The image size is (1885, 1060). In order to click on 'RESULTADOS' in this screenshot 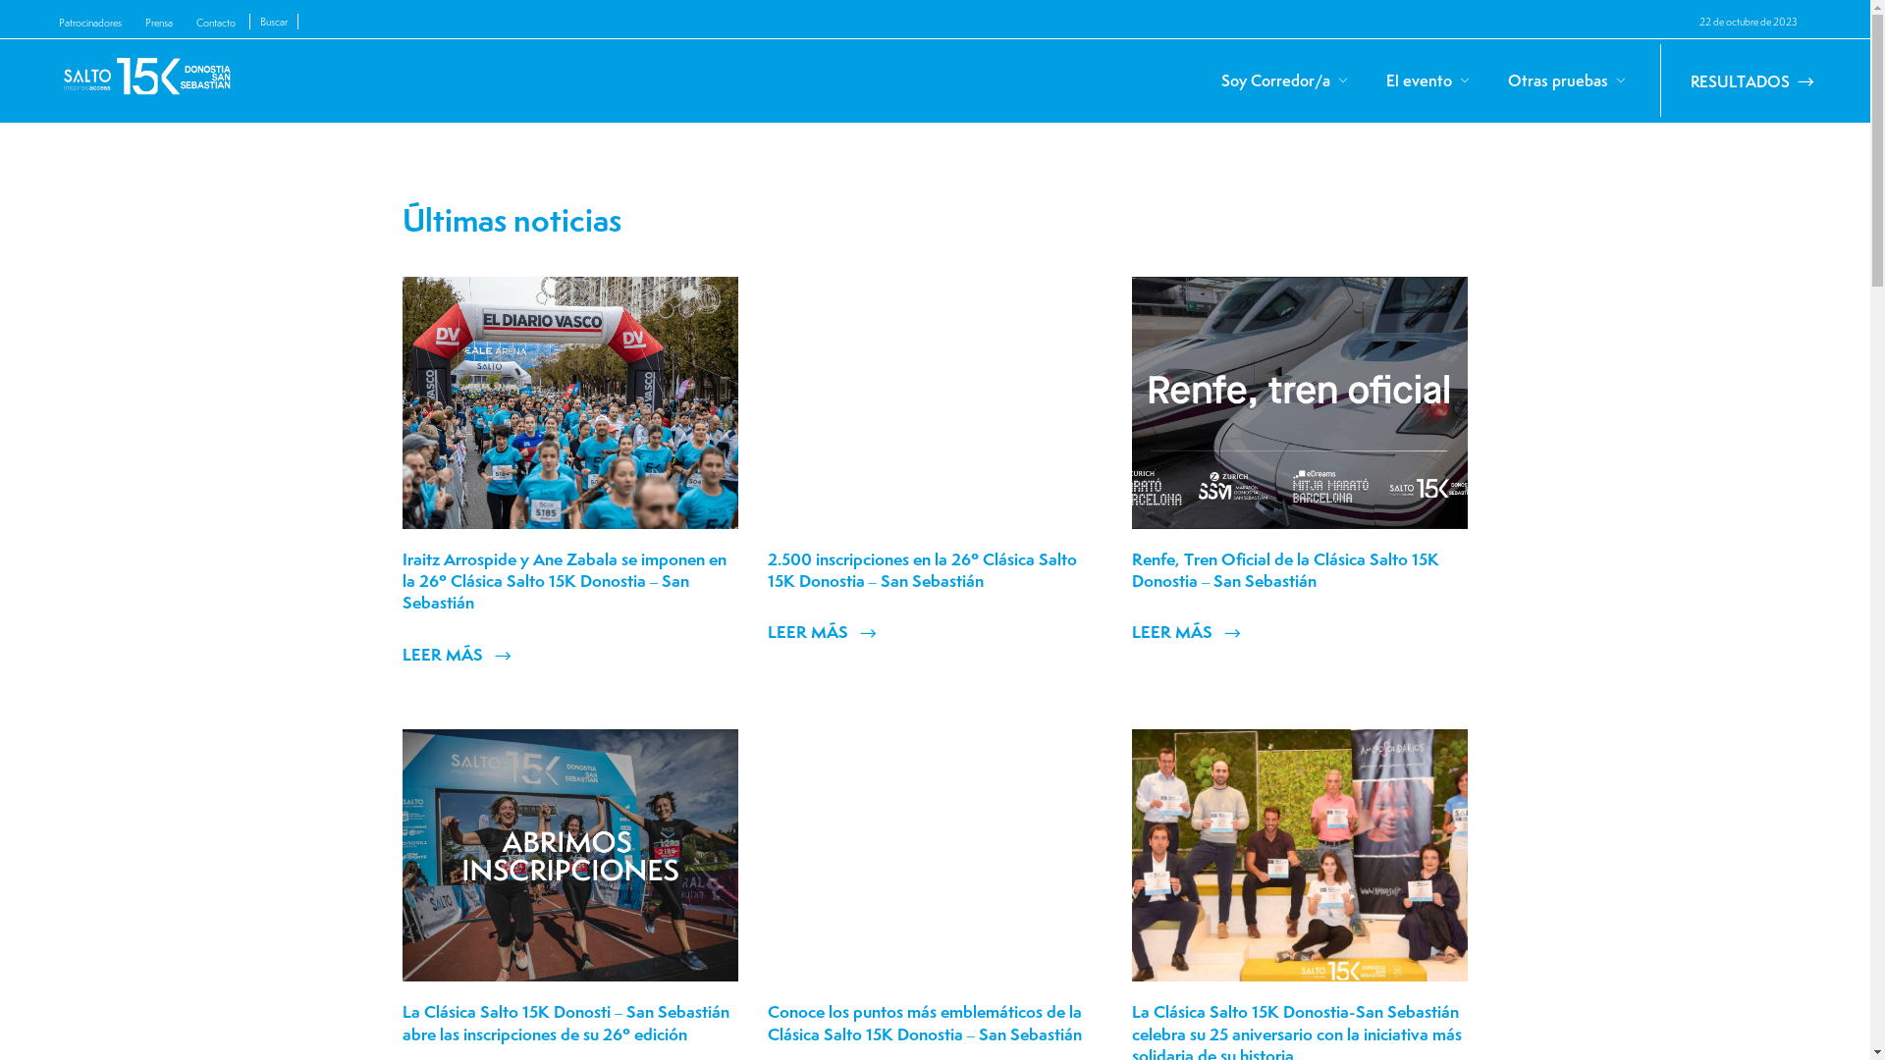, I will do `click(1658, 79)`.